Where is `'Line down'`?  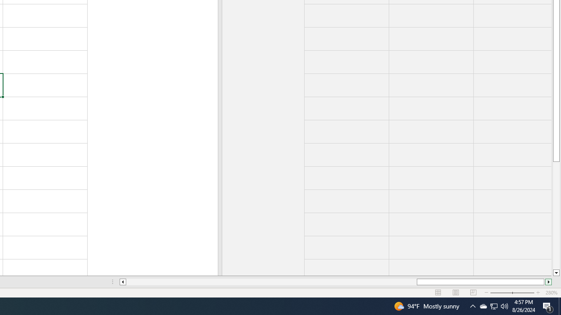 'Line down' is located at coordinates (556, 273).